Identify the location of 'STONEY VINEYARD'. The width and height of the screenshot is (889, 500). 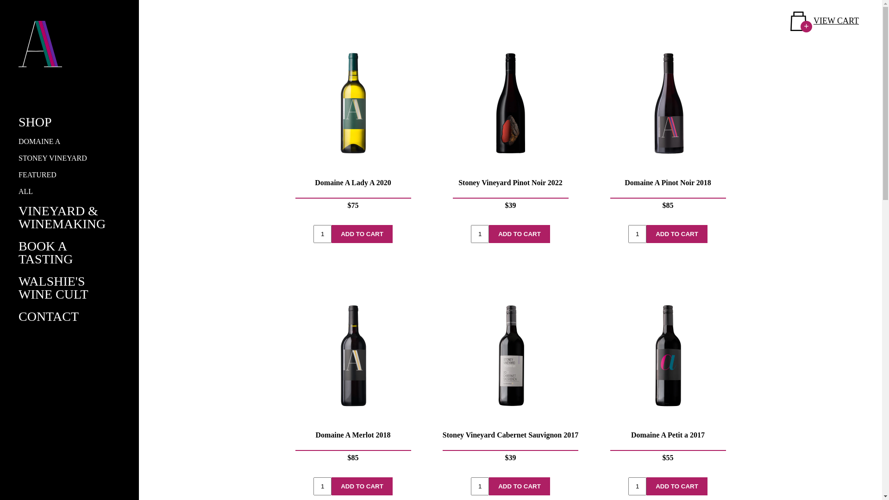
(52, 157).